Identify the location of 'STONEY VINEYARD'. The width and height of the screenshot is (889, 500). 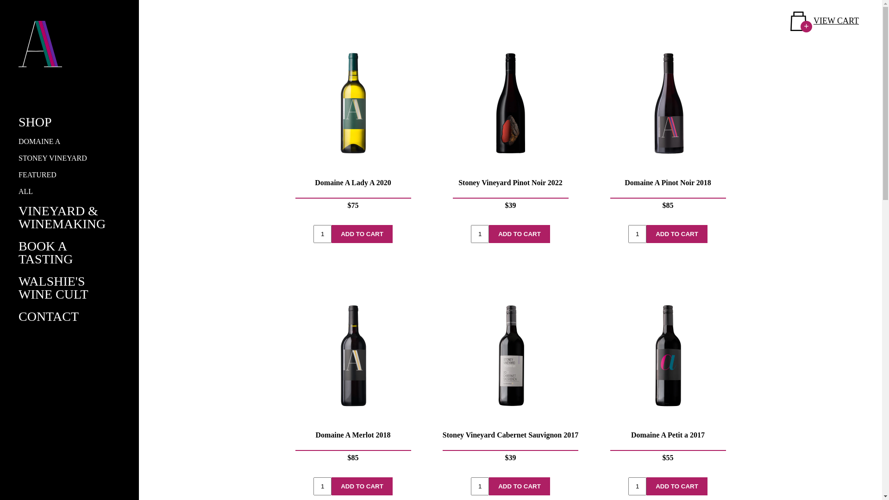
(52, 157).